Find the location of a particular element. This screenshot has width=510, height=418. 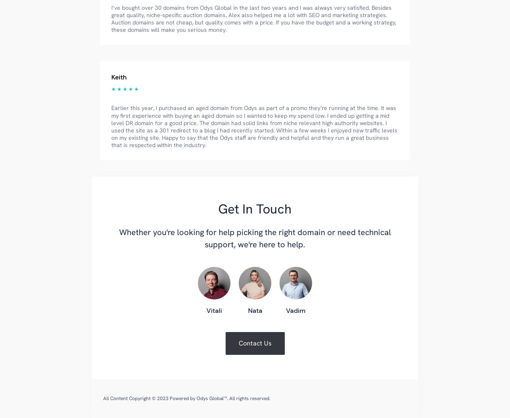

'Keith' is located at coordinates (119, 77).